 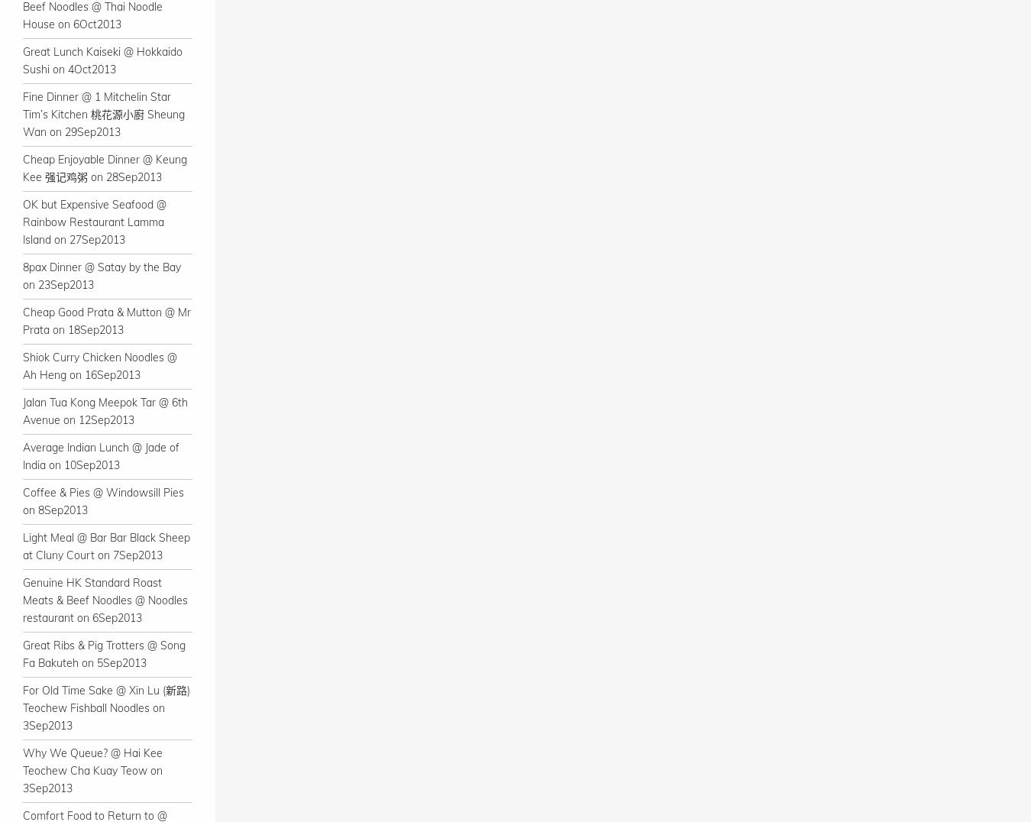 What do you see at coordinates (106, 321) in the screenshot?
I see `'Cheap Good Prata & Mutton @ Mr Prata on 18Sep2013'` at bounding box center [106, 321].